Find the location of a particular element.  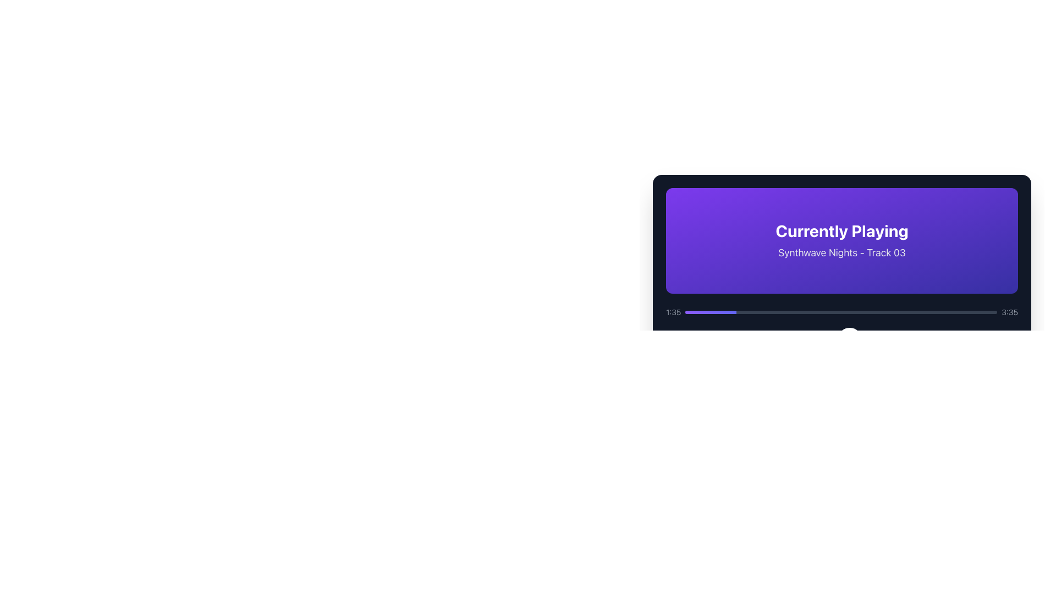

the descriptive label indicating the title and track number of the currently playing music, which is positioned below the 'Currently Playing' heading is located at coordinates (842, 252).